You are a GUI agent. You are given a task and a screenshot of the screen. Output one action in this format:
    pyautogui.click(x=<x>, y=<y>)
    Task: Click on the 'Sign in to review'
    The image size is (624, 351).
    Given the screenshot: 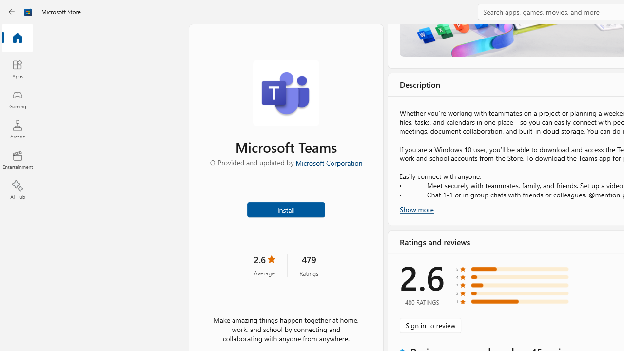 What is the action you would take?
    pyautogui.click(x=430, y=325)
    